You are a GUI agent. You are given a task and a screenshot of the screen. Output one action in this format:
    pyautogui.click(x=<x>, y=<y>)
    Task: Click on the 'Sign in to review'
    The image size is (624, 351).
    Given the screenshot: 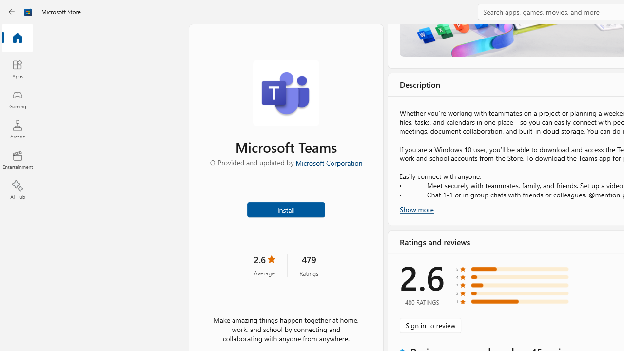 What is the action you would take?
    pyautogui.click(x=430, y=325)
    